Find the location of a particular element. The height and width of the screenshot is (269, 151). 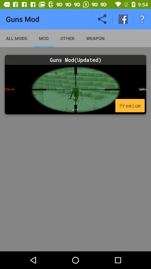

premium icon is located at coordinates (130, 105).